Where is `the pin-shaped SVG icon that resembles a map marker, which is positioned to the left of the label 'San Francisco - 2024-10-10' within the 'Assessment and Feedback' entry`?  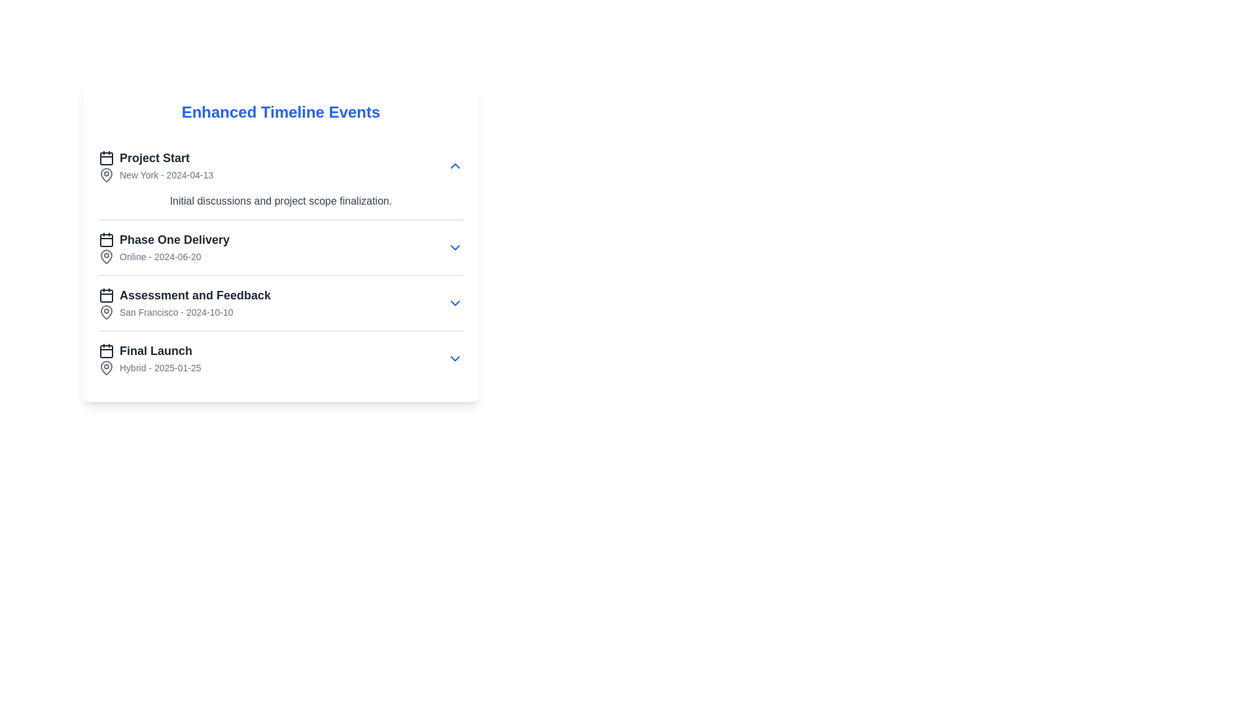 the pin-shaped SVG icon that resembles a map marker, which is positioned to the left of the label 'San Francisco - 2024-10-10' within the 'Assessment and Feedback' entry is located at coordinates (107, 312).